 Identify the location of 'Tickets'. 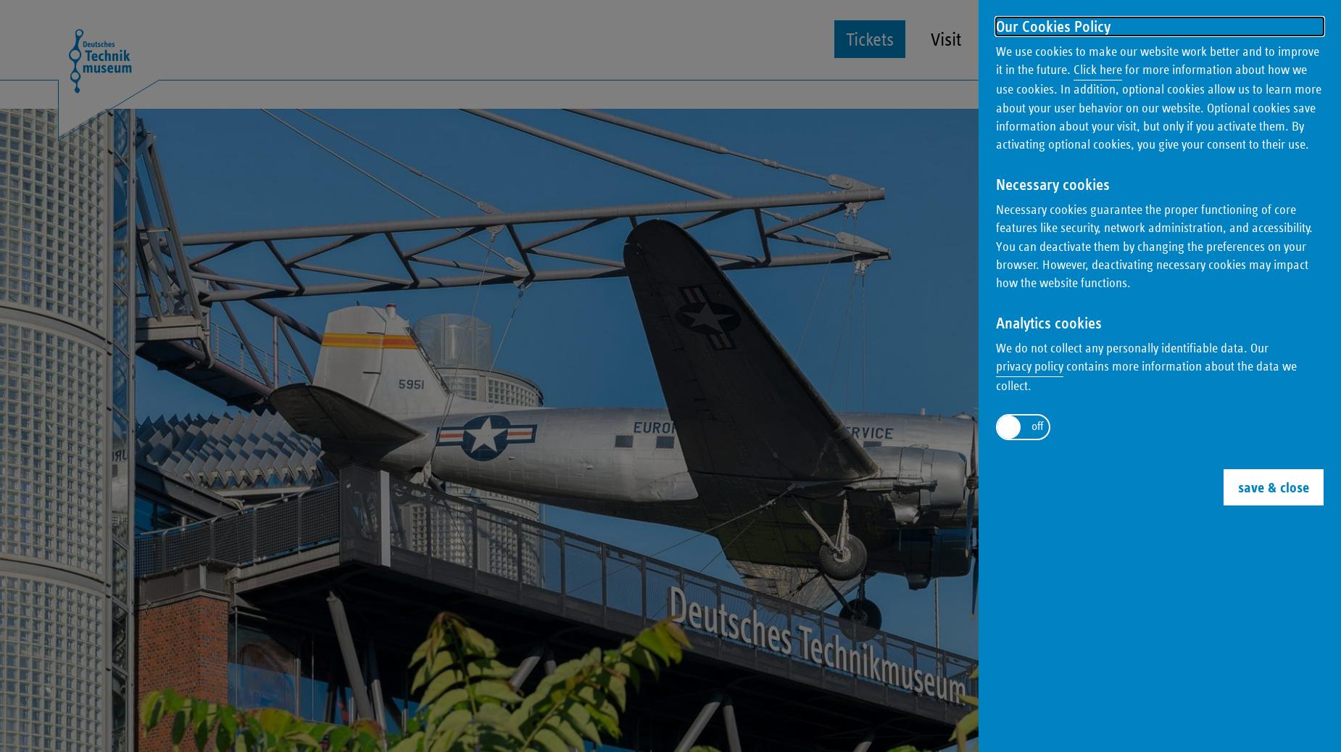
(868, 67).